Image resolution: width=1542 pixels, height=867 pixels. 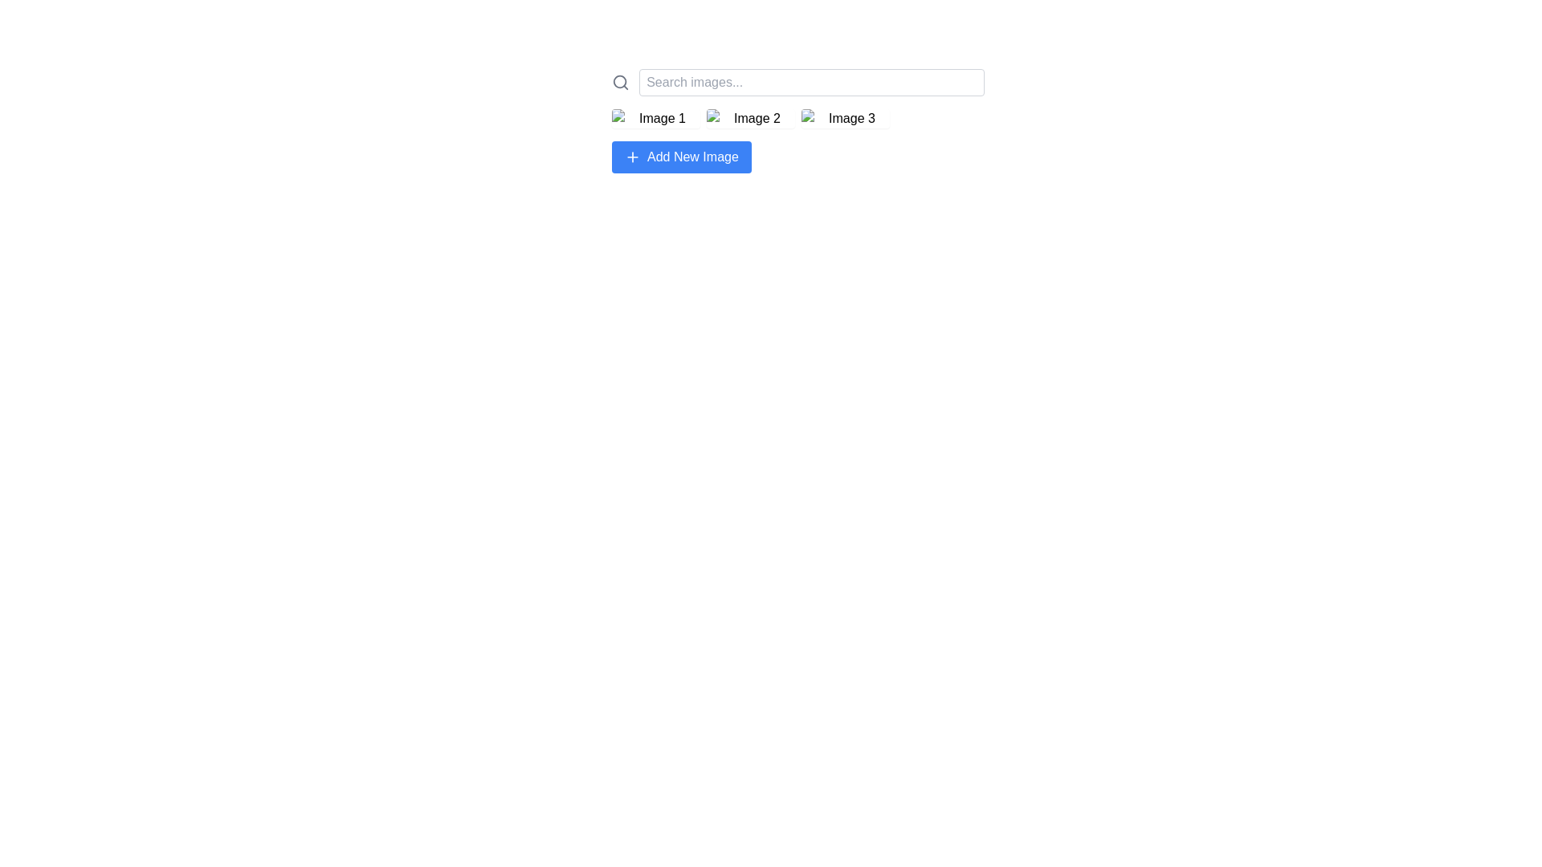 What do you see at coordinates (750, 117) in the screenshot?
I see `to select the thumbnail image labeled 'Image 2' in the grid layout` at bounding box center [750, 117].